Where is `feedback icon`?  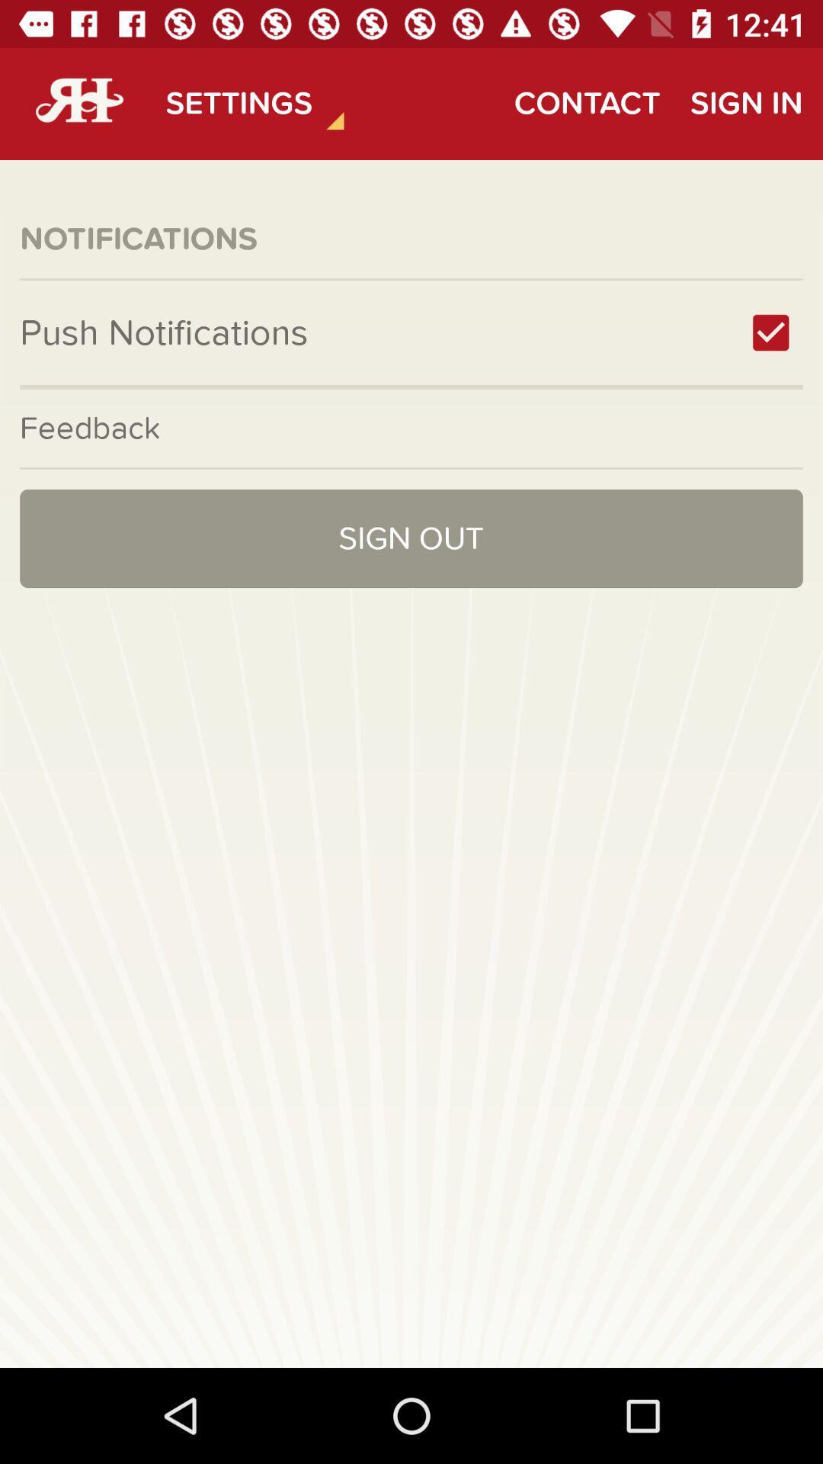 feedback icon is located at coordinates (411, 427).